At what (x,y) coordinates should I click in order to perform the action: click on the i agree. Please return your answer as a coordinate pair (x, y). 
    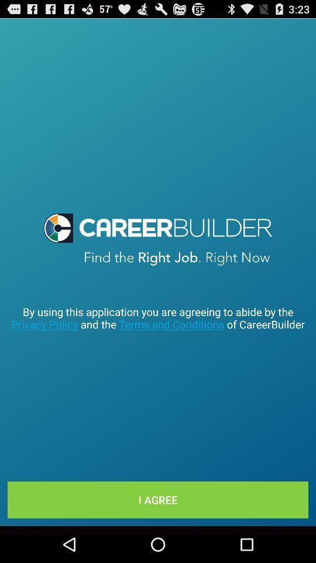
    Looking at the image, I should click on (158, 499).